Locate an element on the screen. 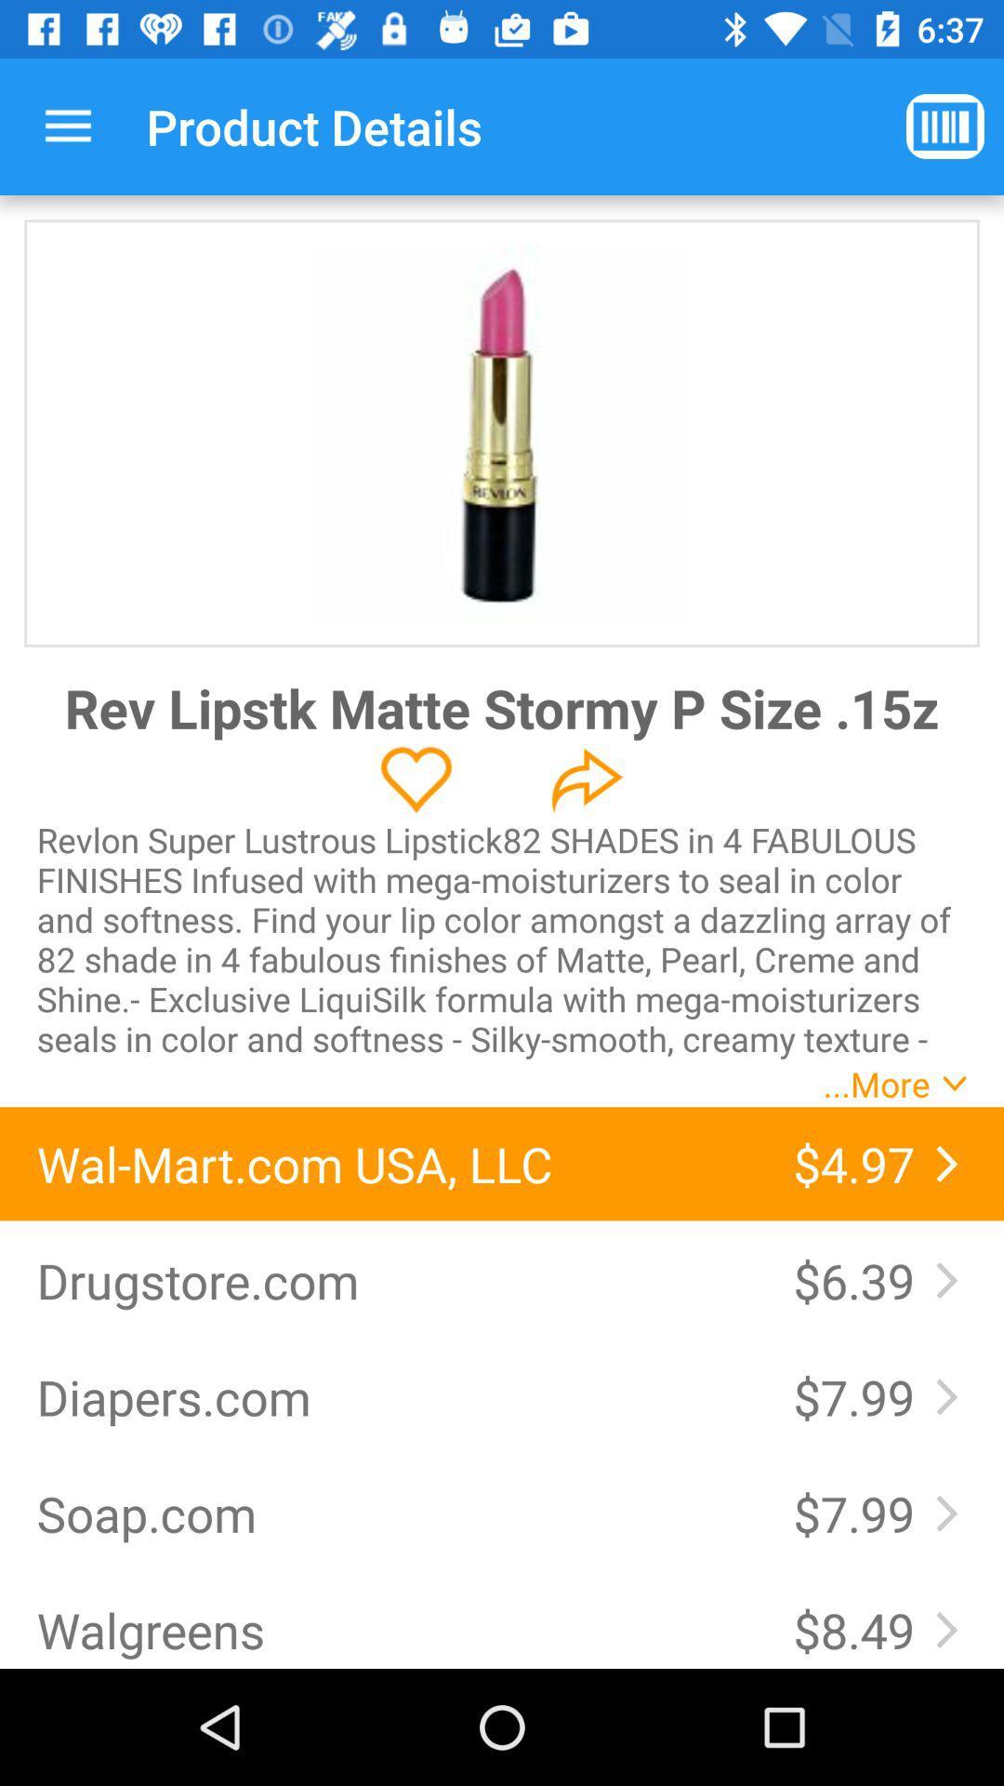 This screenshot has height=1786, width=1004. the revlon super lustrous item is located at coordinates (502, 939).